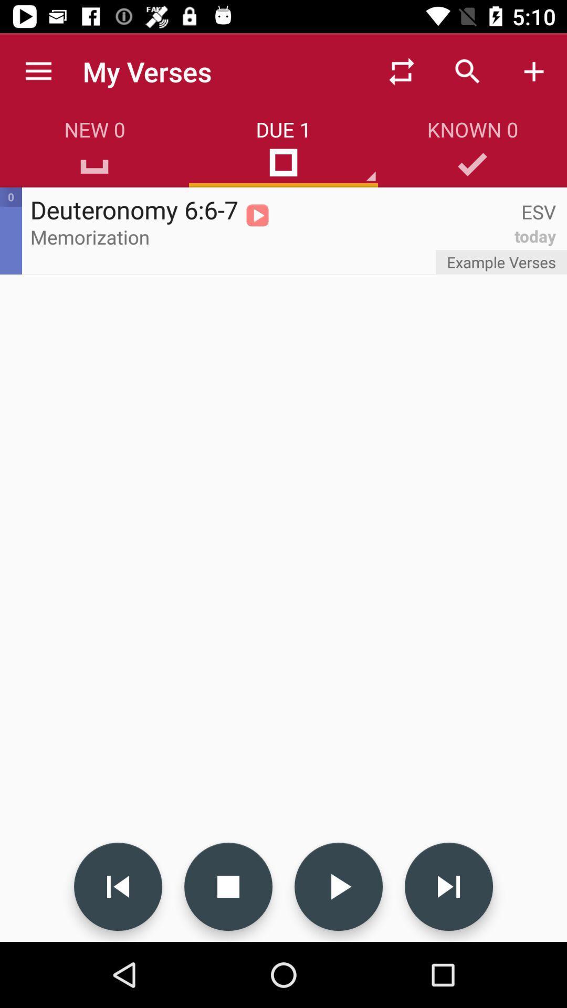 This screenshot has height=1008, width=567. Describe the element at coordinates (118, 886) in the screenshot. I see `go back` at that location.